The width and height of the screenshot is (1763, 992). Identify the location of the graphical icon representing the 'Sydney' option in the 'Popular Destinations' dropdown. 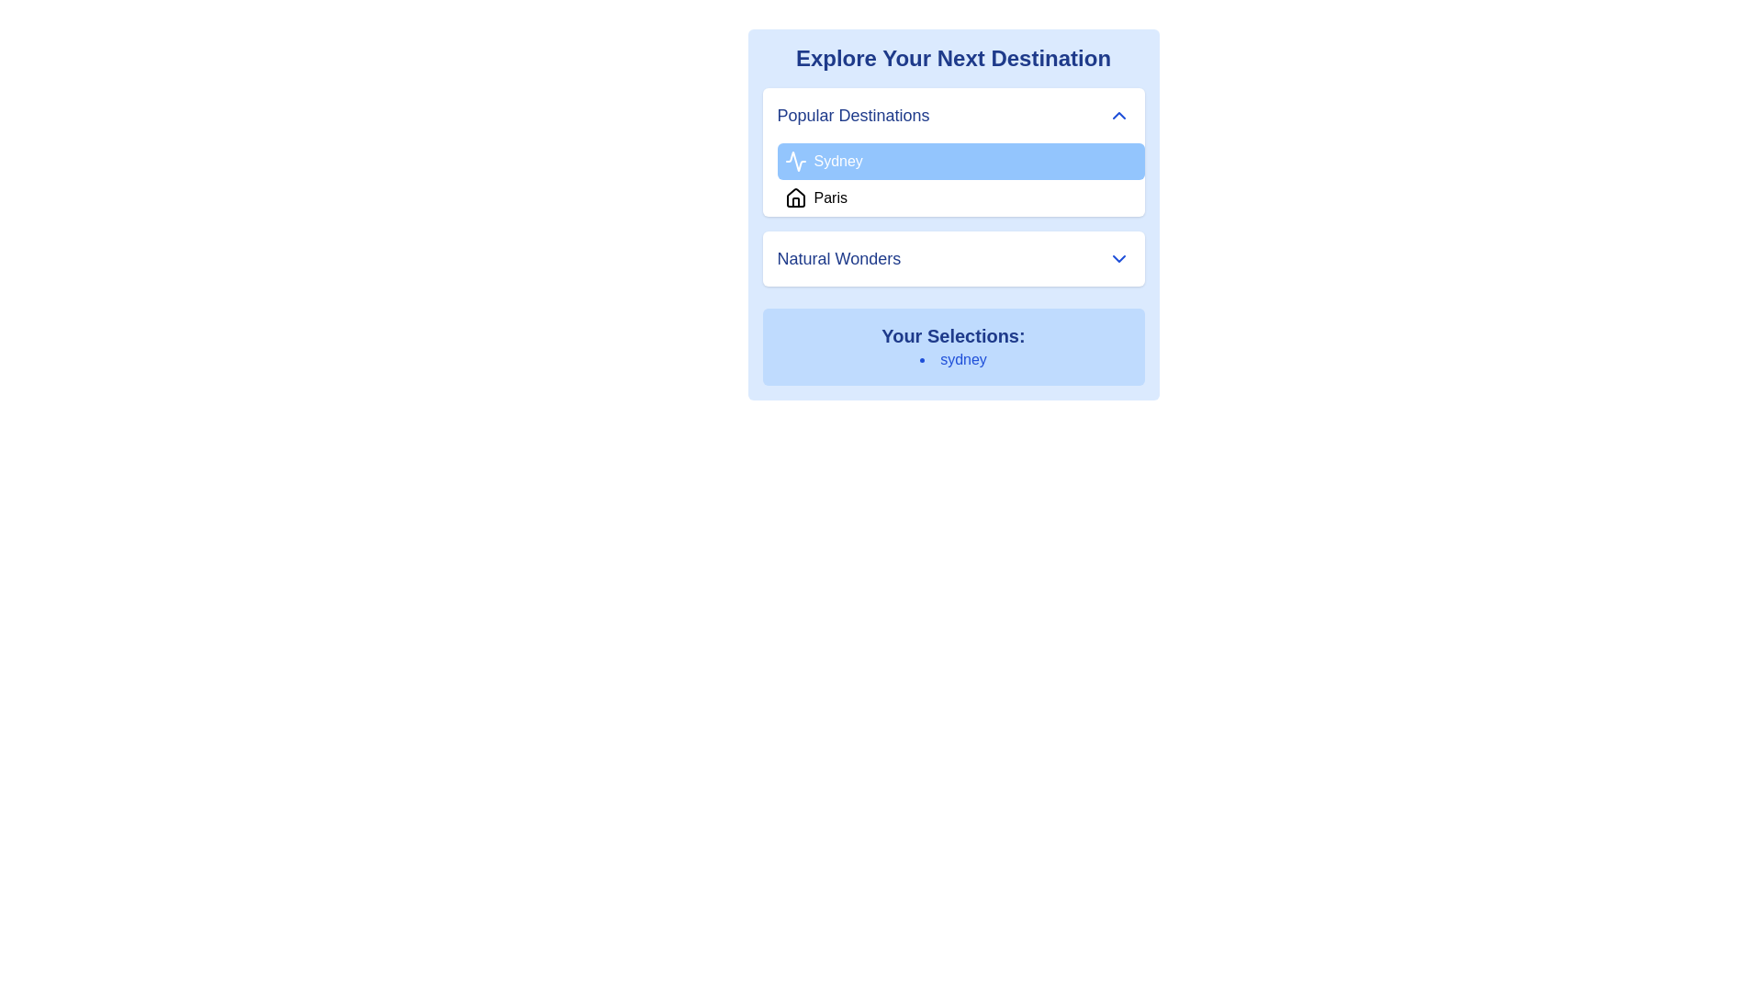
(795, 161).